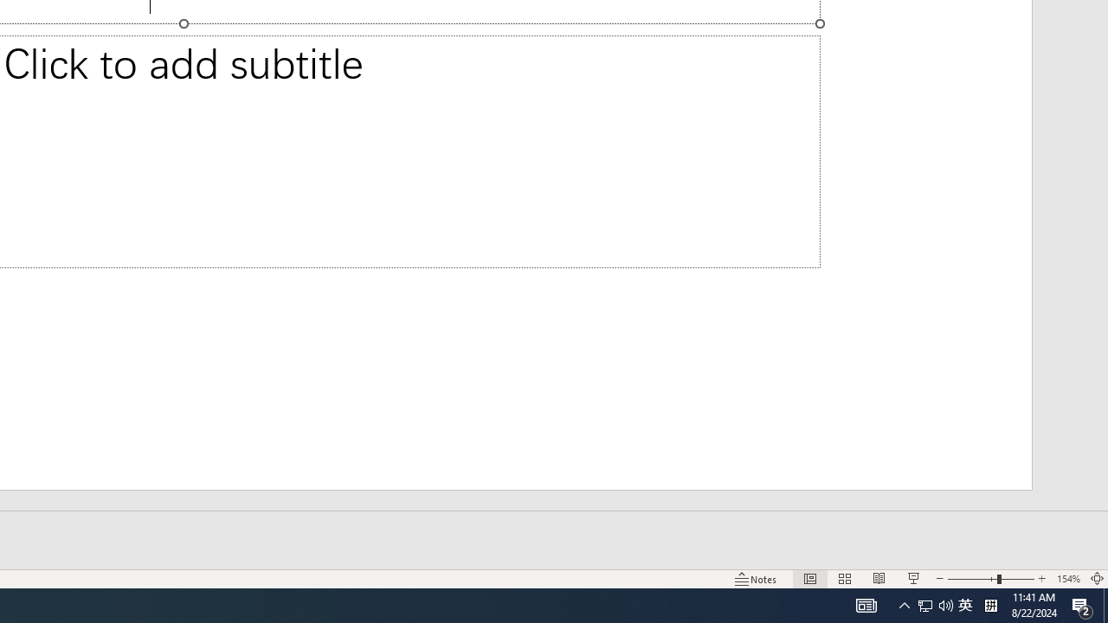 The width and height of the screenshot is (1108, 623). Describe the element at coordinates (1067, 579) in the screenshot. I see `'Zoom 154%'` at that location.